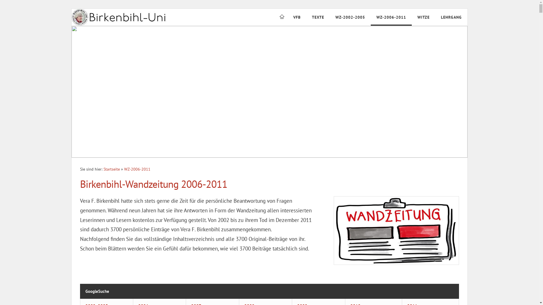  What do you see at coordinates (318, 17) in the screenshot?
I see `'TEXTE'` at bounding box center [318, 17].